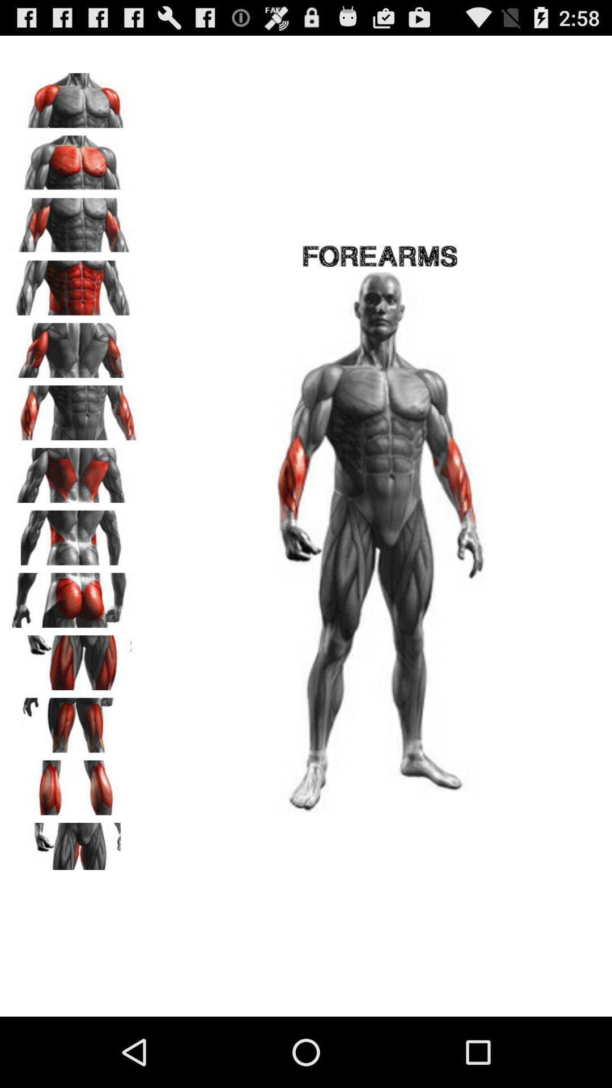  I want to click on specific body exercises, so click(74, 346).